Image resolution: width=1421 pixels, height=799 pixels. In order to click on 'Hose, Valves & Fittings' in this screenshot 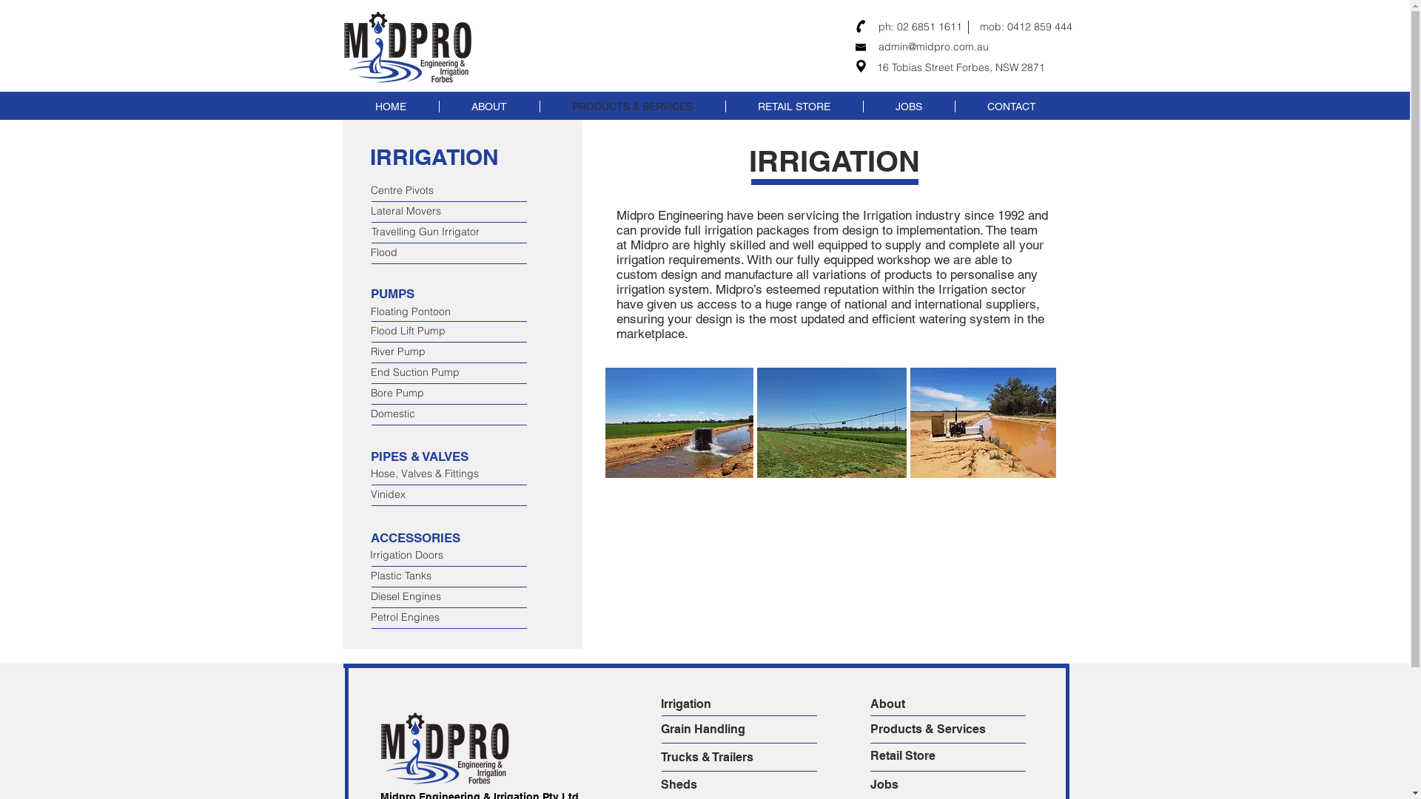, I will do `click(423, 474)`.